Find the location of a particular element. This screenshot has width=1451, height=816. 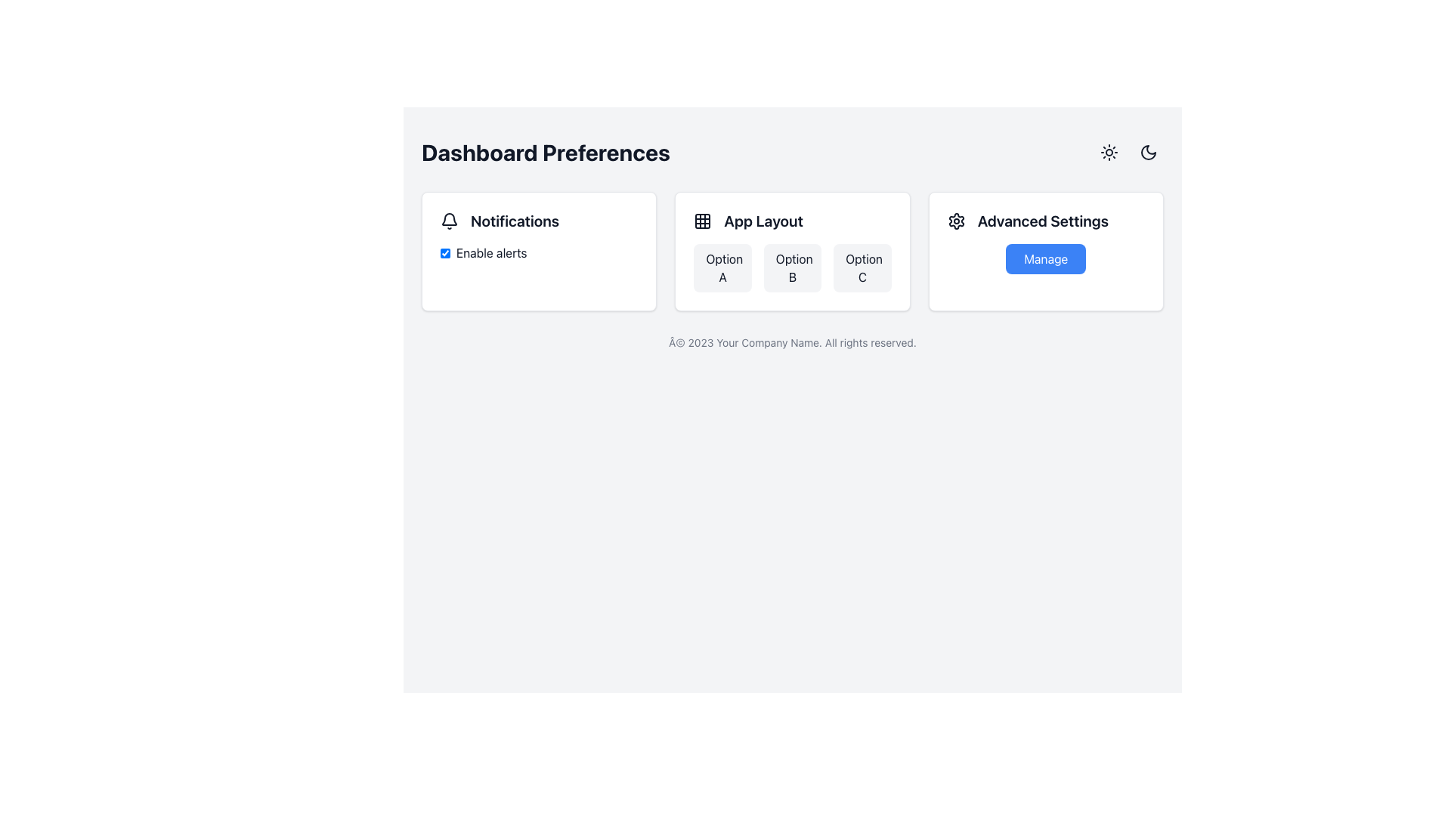

the 'Advanced Settings' text label, which is styled in bold and larger font, located to the right of a gear icon and above a 'Manage' button is located at coordinates (1045, 221).